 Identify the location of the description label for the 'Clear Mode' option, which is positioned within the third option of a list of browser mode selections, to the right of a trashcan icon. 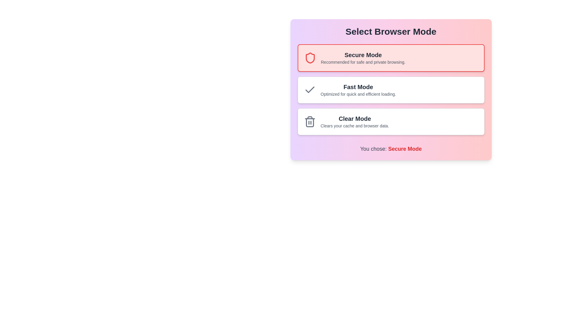
(355, 121).